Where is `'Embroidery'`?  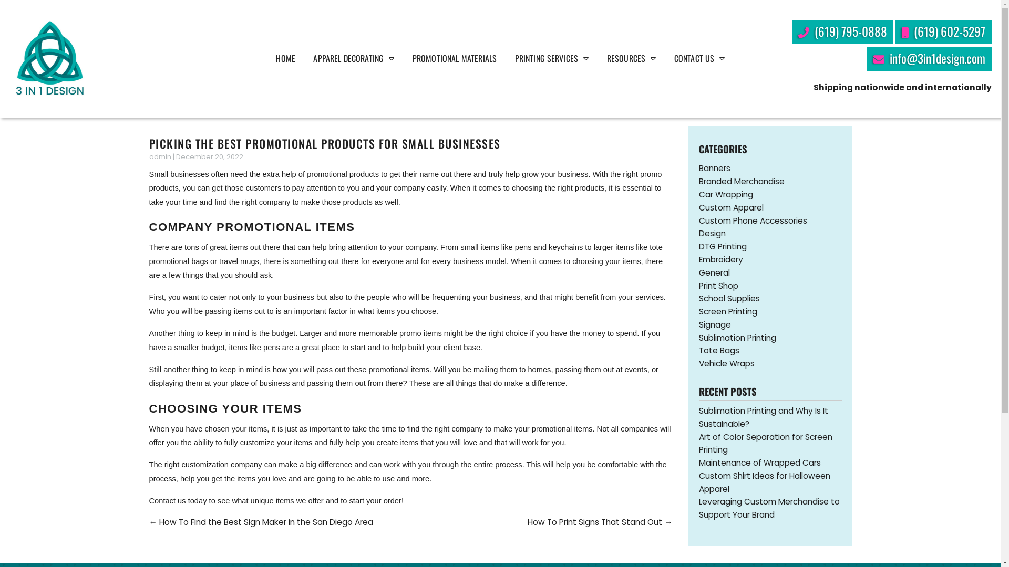 'Embroidery' is located at coordinates (720, 259).